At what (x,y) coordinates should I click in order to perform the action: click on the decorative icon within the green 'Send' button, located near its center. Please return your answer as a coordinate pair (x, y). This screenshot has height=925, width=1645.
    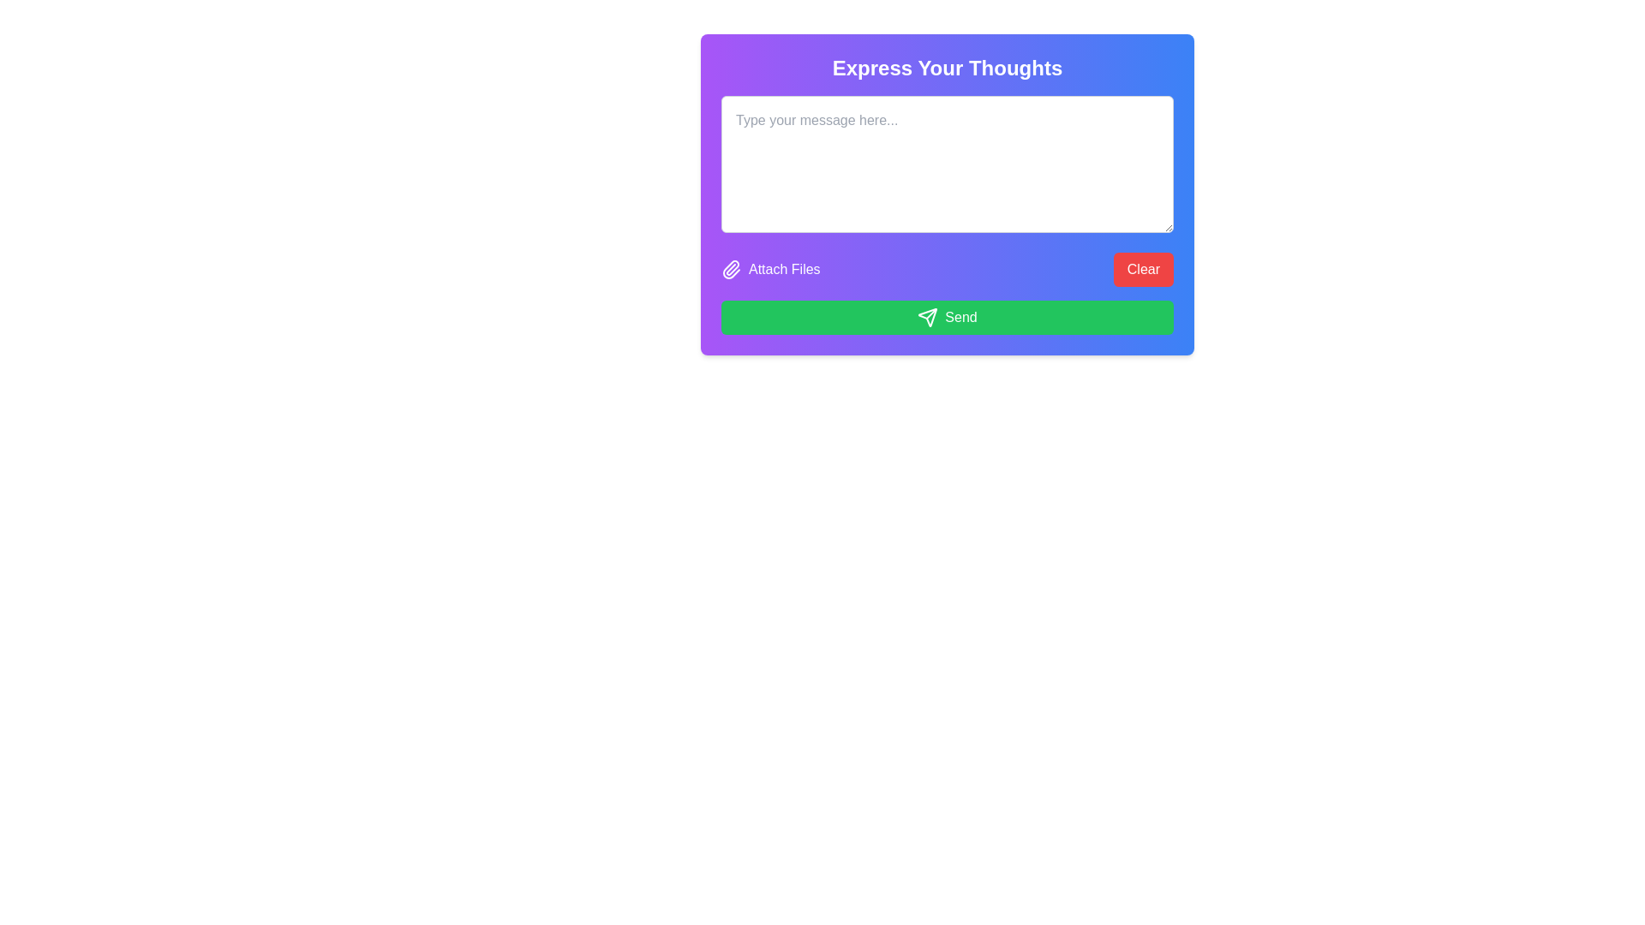
    Looking at the image, I should click on (927, 317).